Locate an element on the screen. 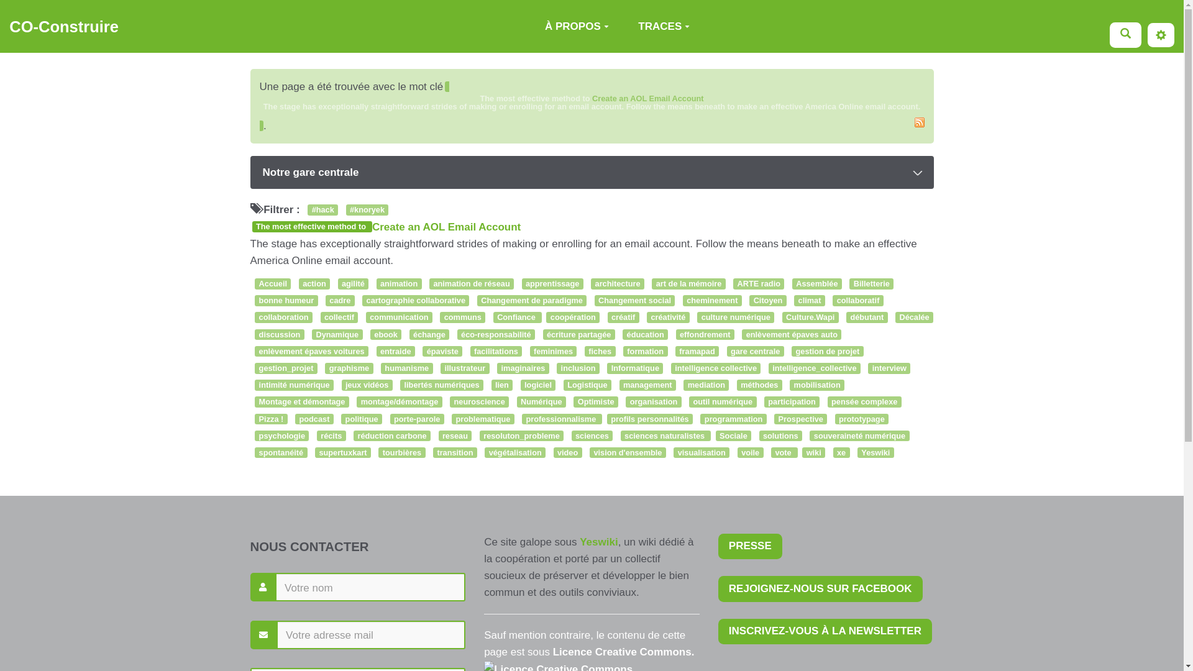 The image size is (1193, 671). 'communication' is located at coordinates (399, 316).